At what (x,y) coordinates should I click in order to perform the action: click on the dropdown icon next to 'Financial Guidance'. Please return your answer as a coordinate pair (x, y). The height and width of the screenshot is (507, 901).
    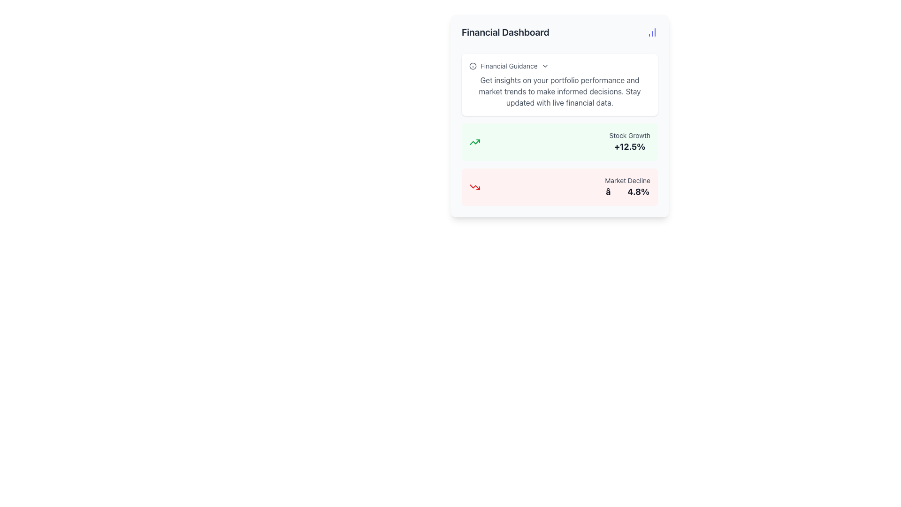
    Looking at the image, I should click on (545, 66).